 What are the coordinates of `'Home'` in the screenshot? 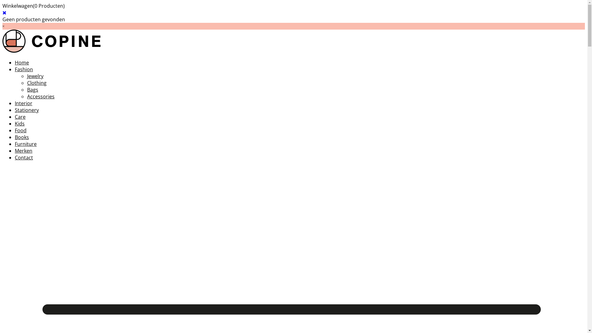 It's located at (22, 63).